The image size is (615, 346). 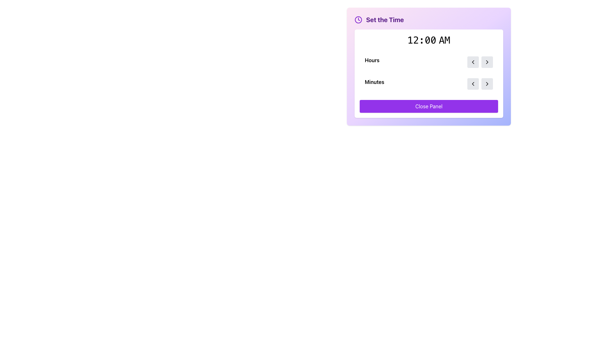 I want to click on the increment button located in the minutes adjustment section of the digital clock interface to increase the displayed minutes, so click(x=487, y=84).